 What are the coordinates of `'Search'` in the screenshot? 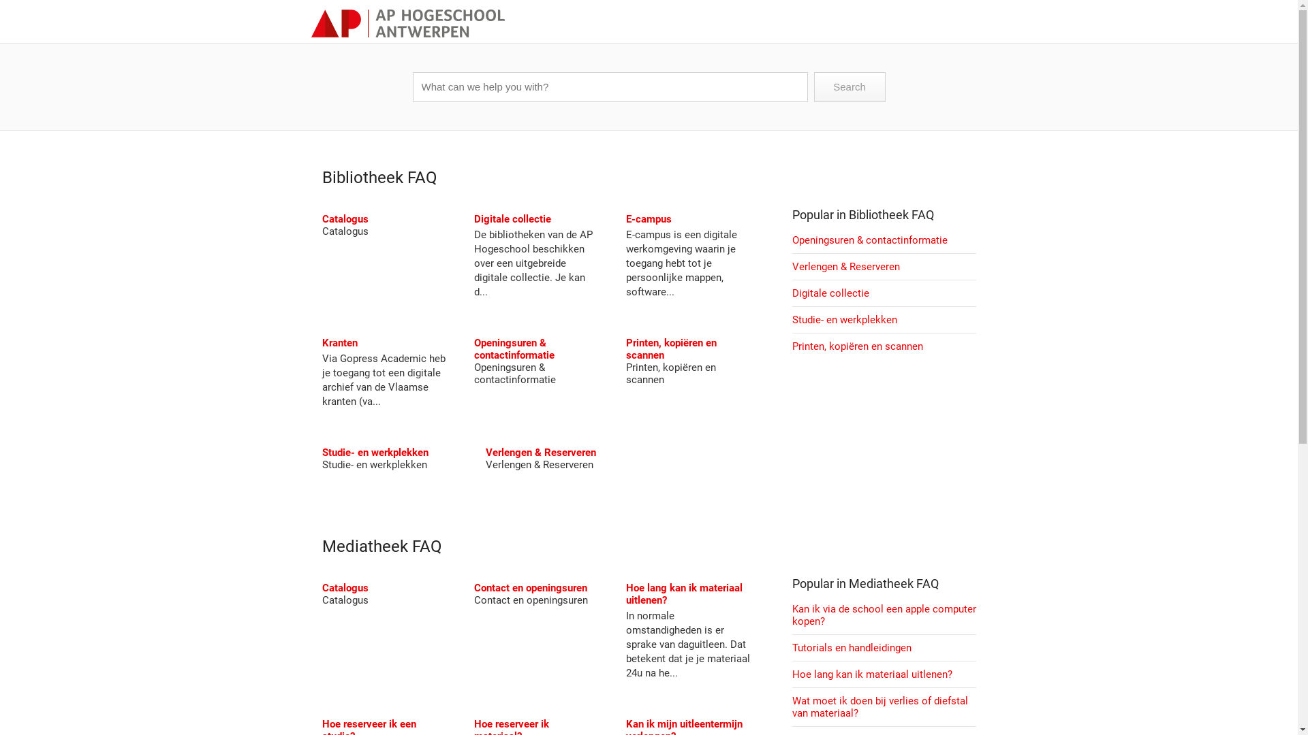 It's located at (848, 86).